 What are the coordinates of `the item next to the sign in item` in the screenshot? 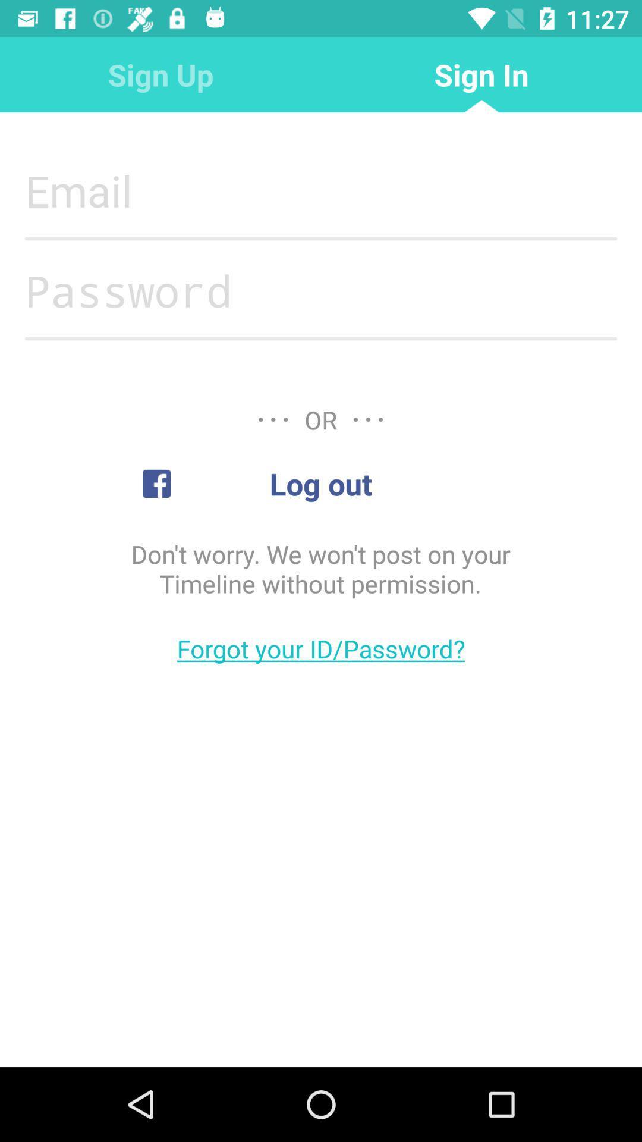 It's located at (160, 74).